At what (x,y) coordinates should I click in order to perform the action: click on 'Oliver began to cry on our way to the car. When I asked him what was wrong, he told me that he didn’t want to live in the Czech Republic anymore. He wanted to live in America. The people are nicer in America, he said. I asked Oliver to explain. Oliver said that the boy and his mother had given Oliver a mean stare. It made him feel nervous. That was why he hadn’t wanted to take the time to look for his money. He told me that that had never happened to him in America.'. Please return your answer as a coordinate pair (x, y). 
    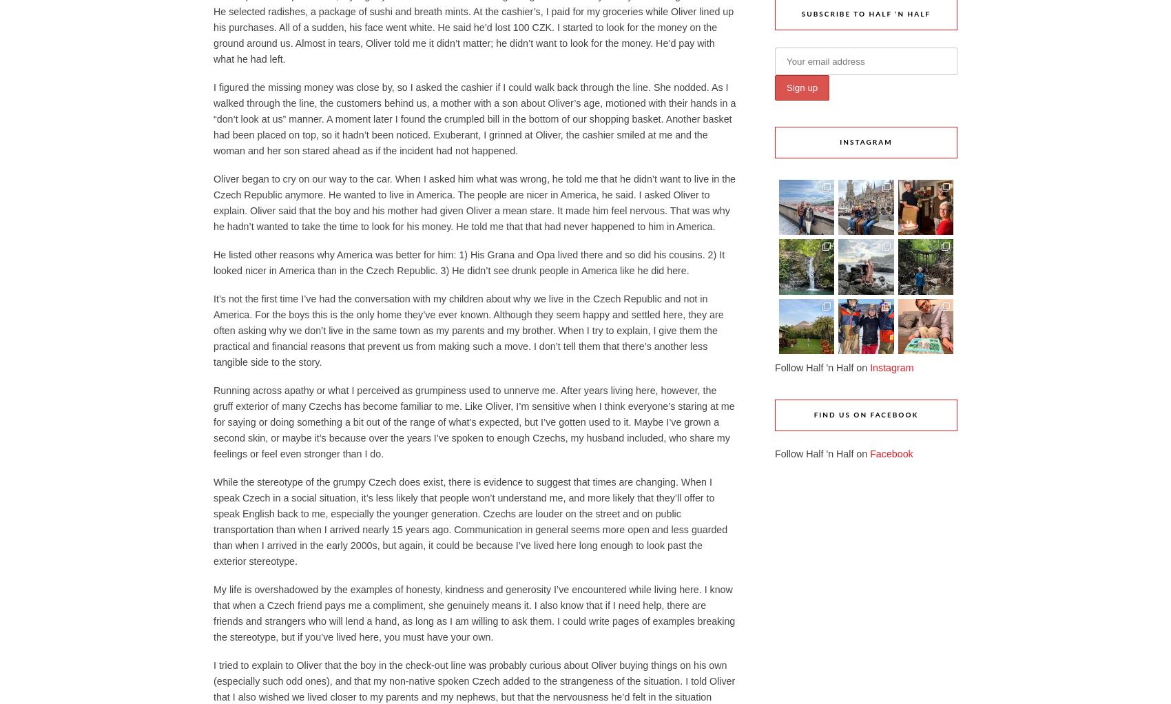
    Looking at the image, I should click on (475, 201).